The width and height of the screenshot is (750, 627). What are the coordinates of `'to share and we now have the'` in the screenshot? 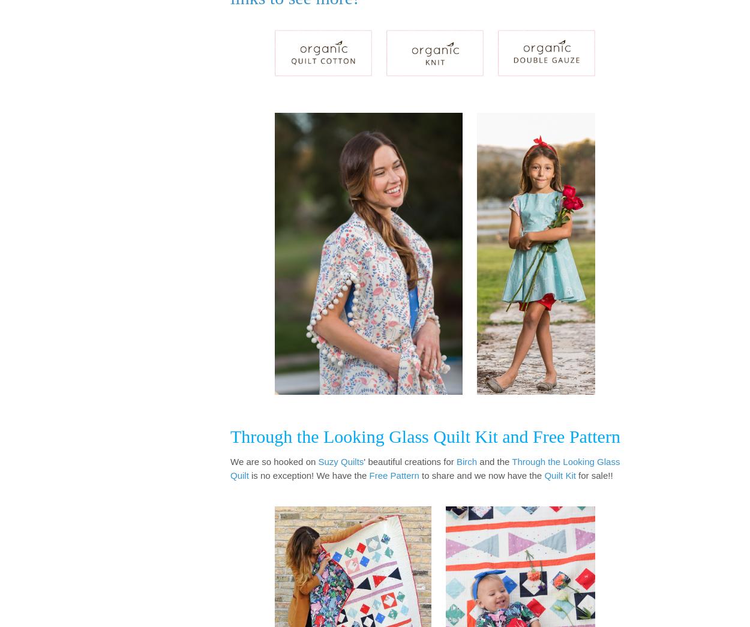 It's located at (481, 475).